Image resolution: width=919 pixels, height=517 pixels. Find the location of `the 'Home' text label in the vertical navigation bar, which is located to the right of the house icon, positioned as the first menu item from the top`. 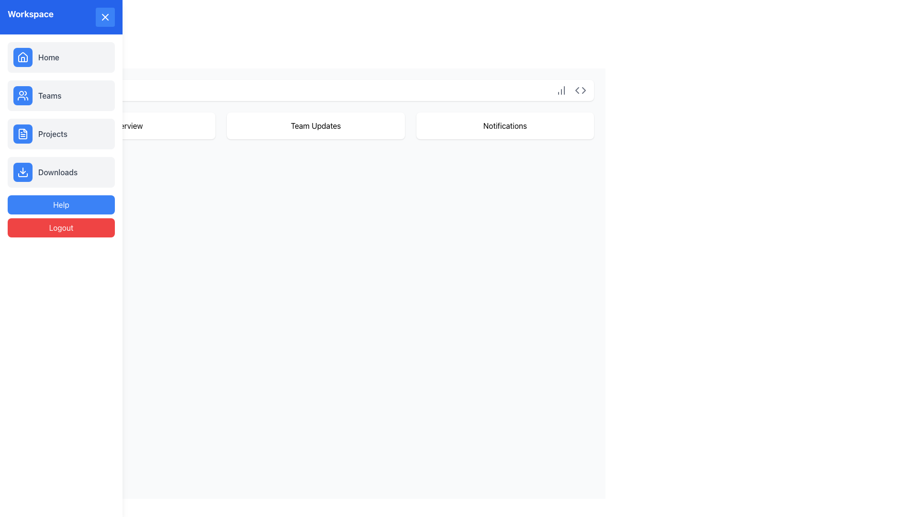

the 'Home' text label in the vertical navigation bar, which is located to the right of the house icon, positioned as the first menu item from the top is located at coordinates (48, 57).